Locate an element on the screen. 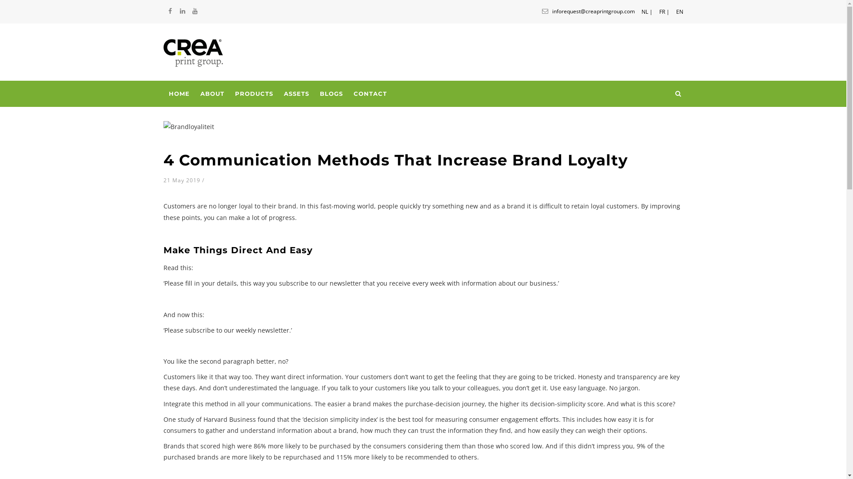 The image size is (853, 479). 'FR |' is located at coordinates (659, 10).